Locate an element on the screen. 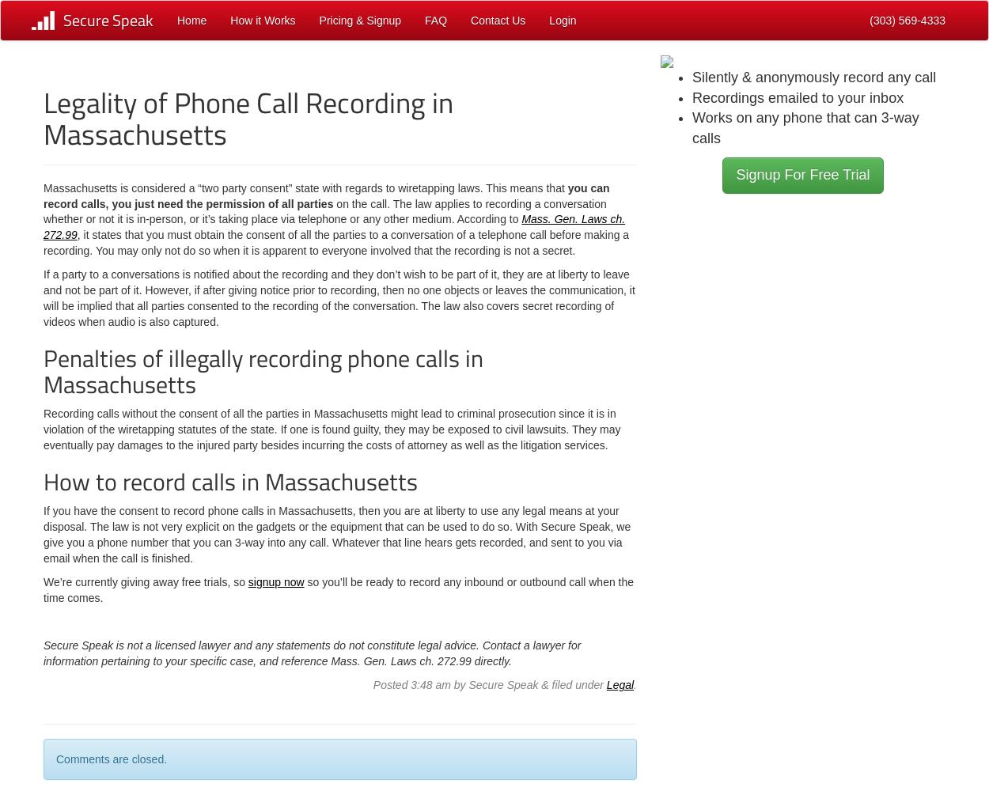 Image resolution: width=989 pixels, height=791 pixels. 'Penalties of illegally recording phone calls in Massachusetts' is located at coordinates (263, 370).